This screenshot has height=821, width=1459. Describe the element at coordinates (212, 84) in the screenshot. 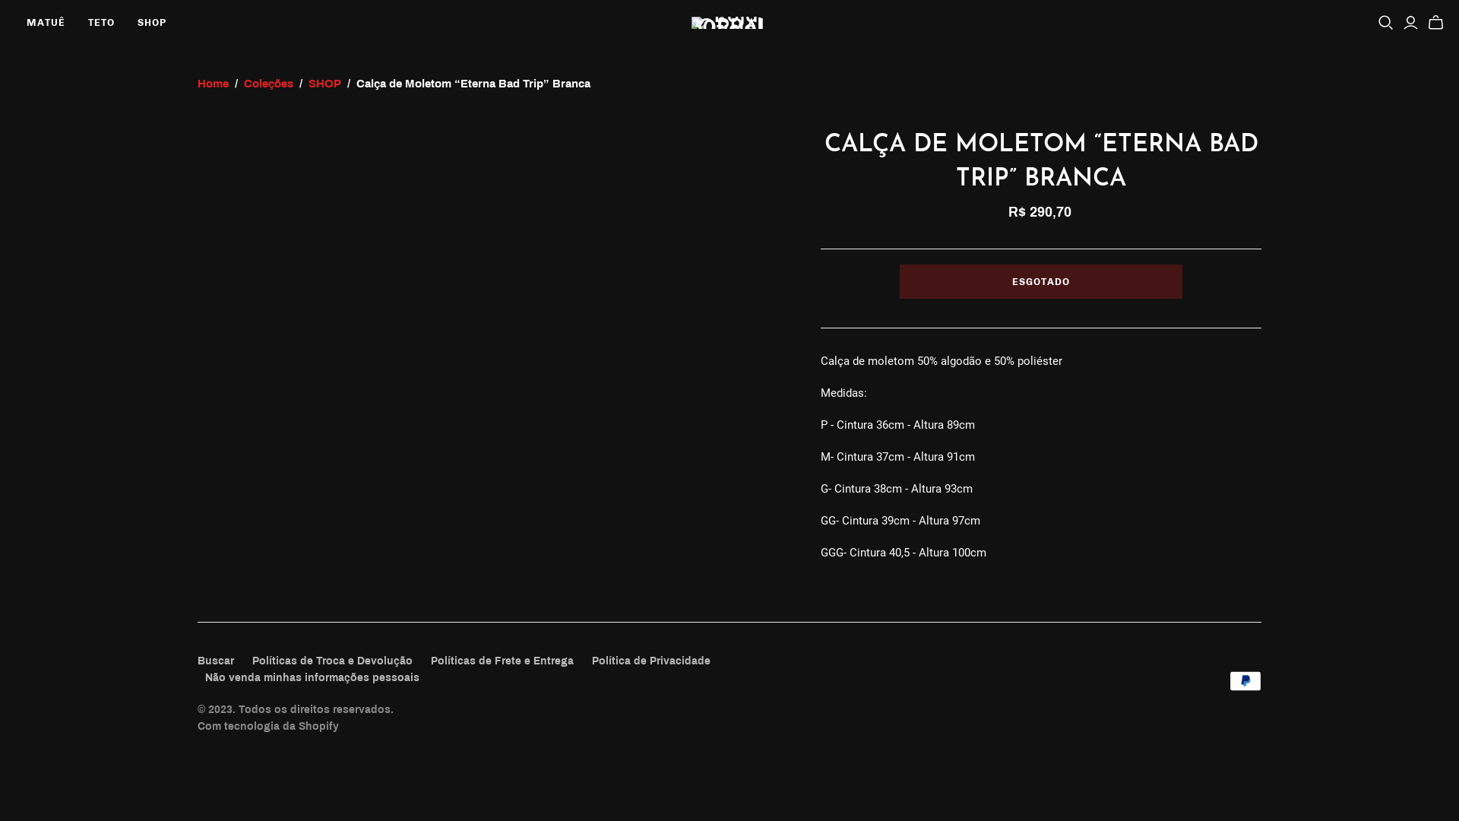

I see `'Home'` at that location.